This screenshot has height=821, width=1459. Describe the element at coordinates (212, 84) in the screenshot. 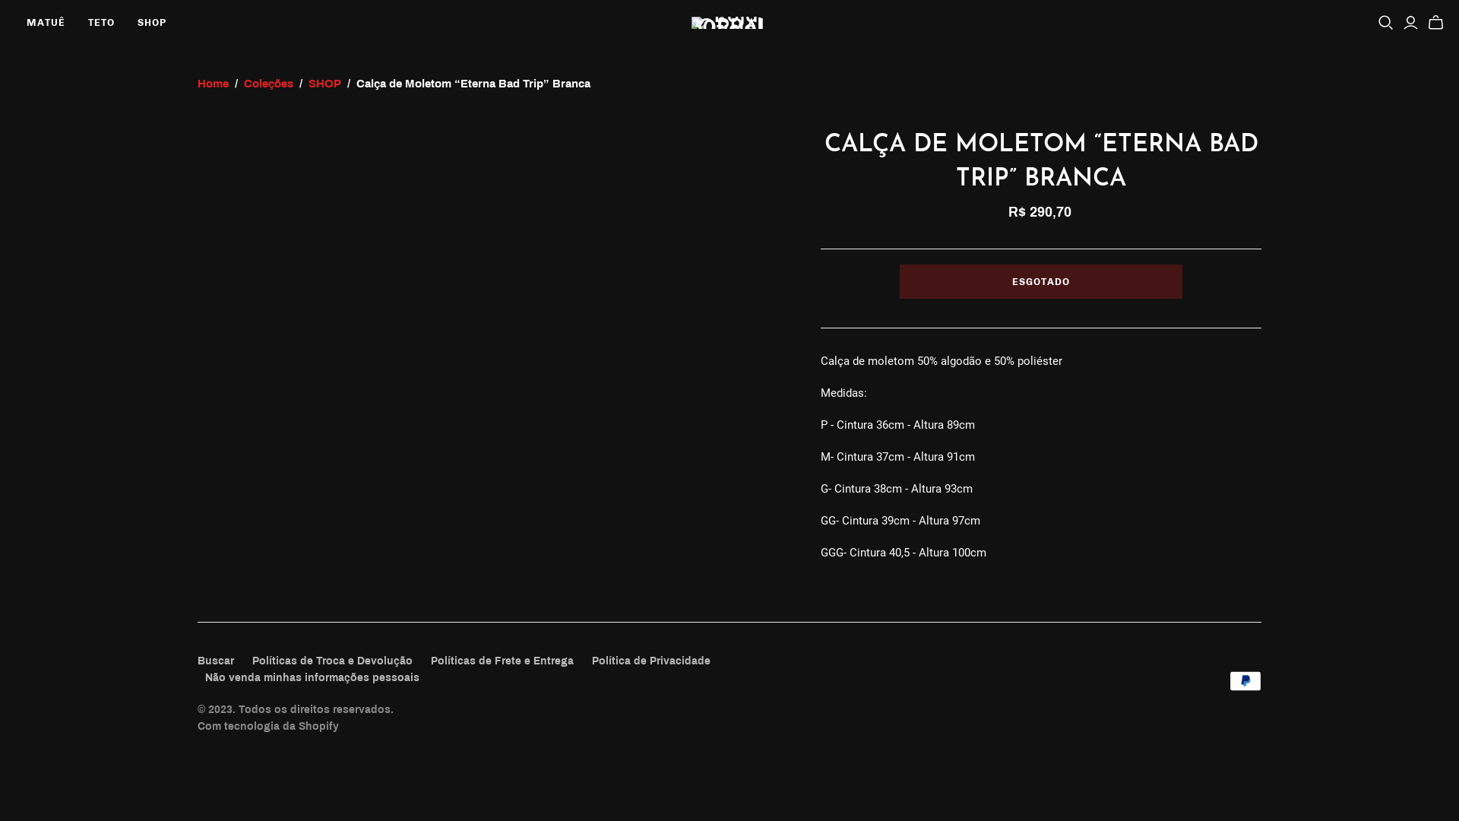

I see `'Home'` at that location.